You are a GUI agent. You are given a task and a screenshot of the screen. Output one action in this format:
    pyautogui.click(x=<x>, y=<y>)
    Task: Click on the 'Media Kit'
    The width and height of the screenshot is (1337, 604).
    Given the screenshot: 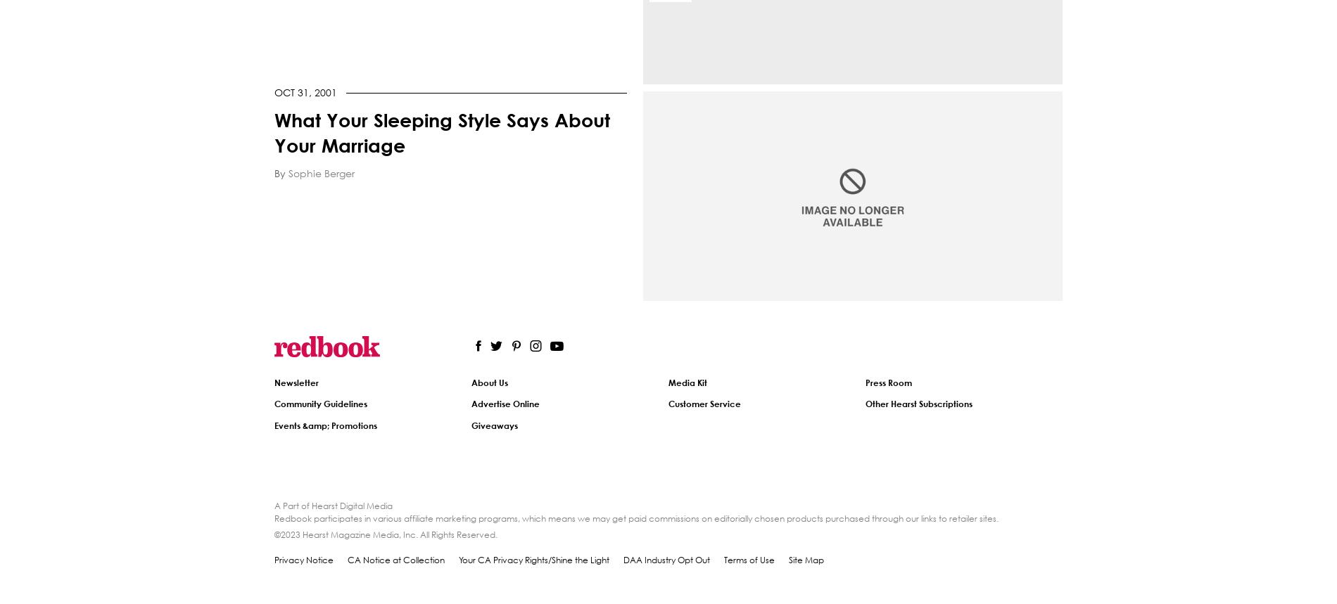 What is the action you would take?
    pyautogui.click(x=687, y=382)
    